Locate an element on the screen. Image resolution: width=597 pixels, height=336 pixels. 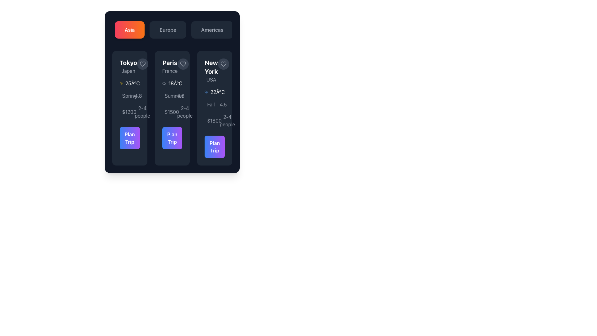
the text label and icon combination reading '2-4 people', which is styled in light gray and located in a card-like section for 'Paris, France', positioned below the price label '$1500' and above the 'Plan Trip' button is located at coordinates (178, 111).